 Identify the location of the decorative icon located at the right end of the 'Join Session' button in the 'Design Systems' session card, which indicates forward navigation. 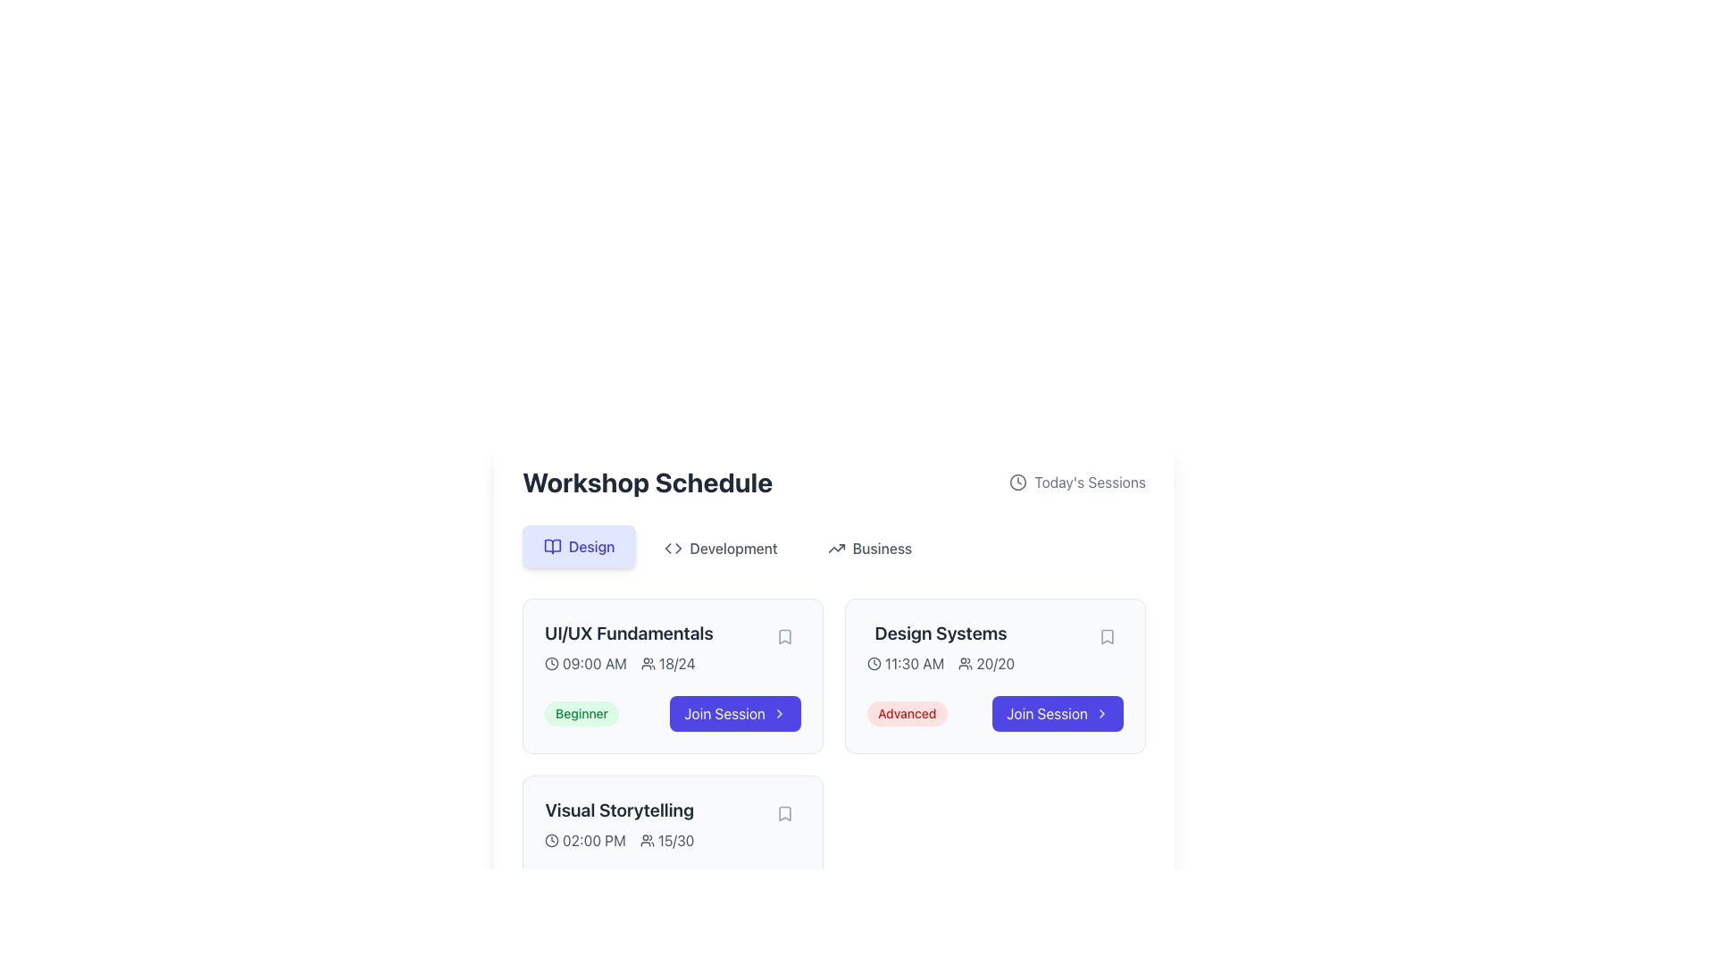
(1100, 712).